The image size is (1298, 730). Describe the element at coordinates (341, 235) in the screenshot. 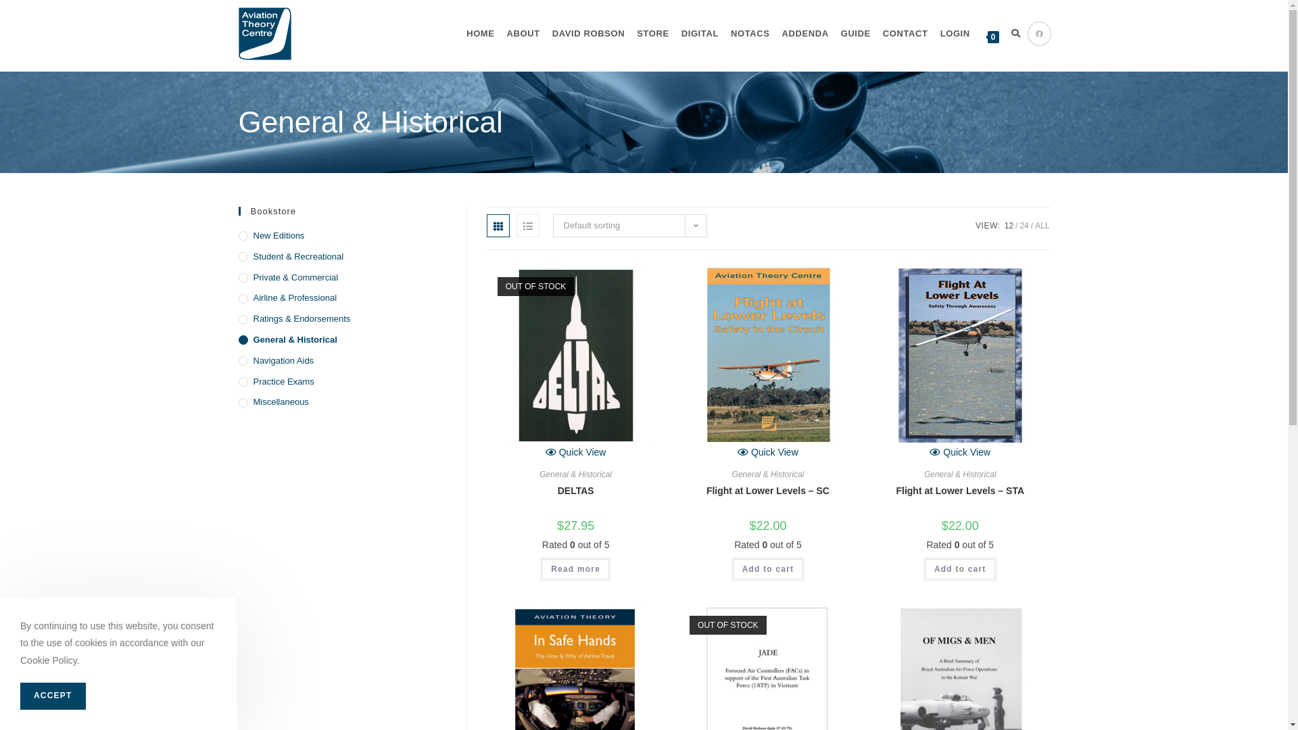

I see `'New Editions'` at that location.